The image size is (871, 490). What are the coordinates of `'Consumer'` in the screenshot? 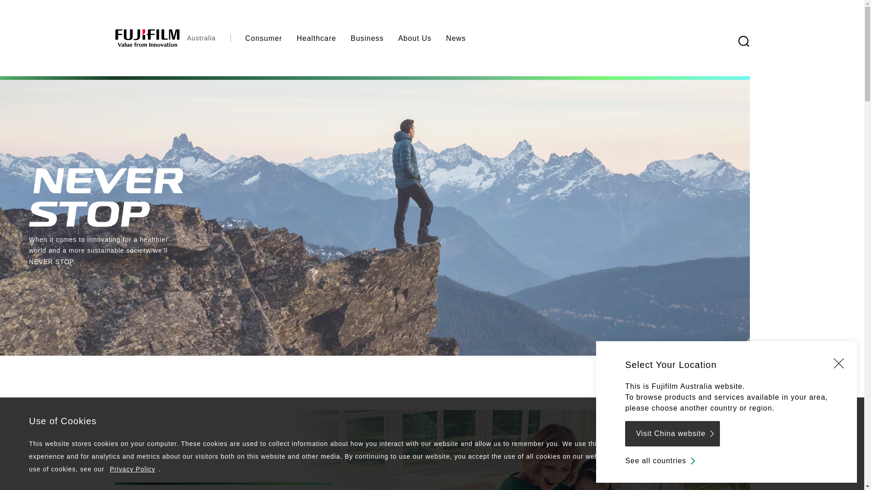 It's located at (238, 38).